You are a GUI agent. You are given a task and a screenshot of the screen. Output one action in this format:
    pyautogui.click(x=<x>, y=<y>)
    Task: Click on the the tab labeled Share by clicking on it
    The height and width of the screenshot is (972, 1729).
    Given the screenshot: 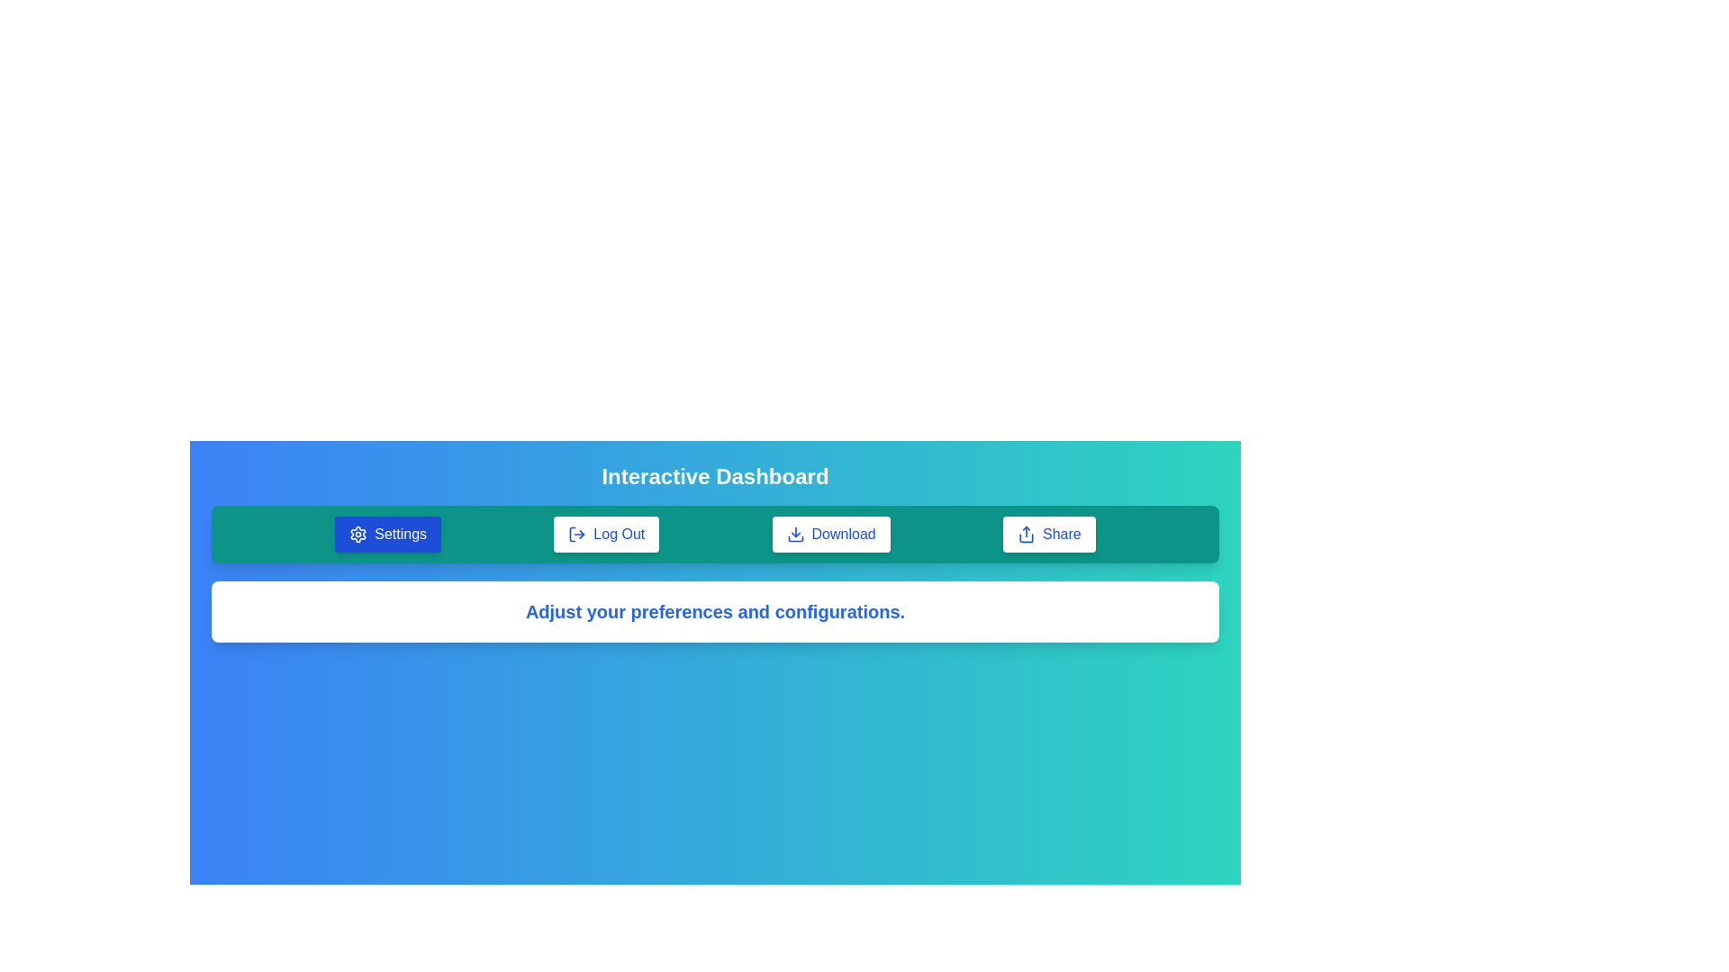 What is the action you would take?
    pyautogui.click(x=1049, y=534)
    